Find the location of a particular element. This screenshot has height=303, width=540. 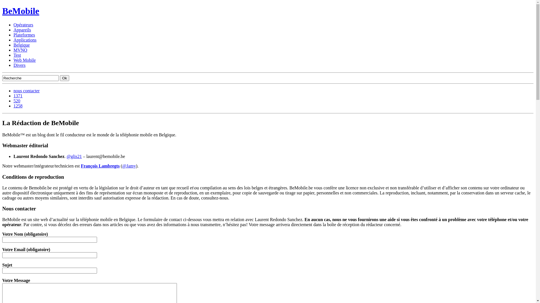

'Test' is located at coordinates (17, 55).